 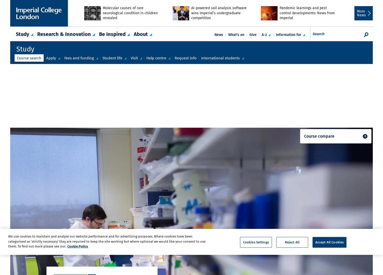 What do you see at coordinates (365, 136) in the screenshot?
I see `'0'` at bounding box center [365, 136].